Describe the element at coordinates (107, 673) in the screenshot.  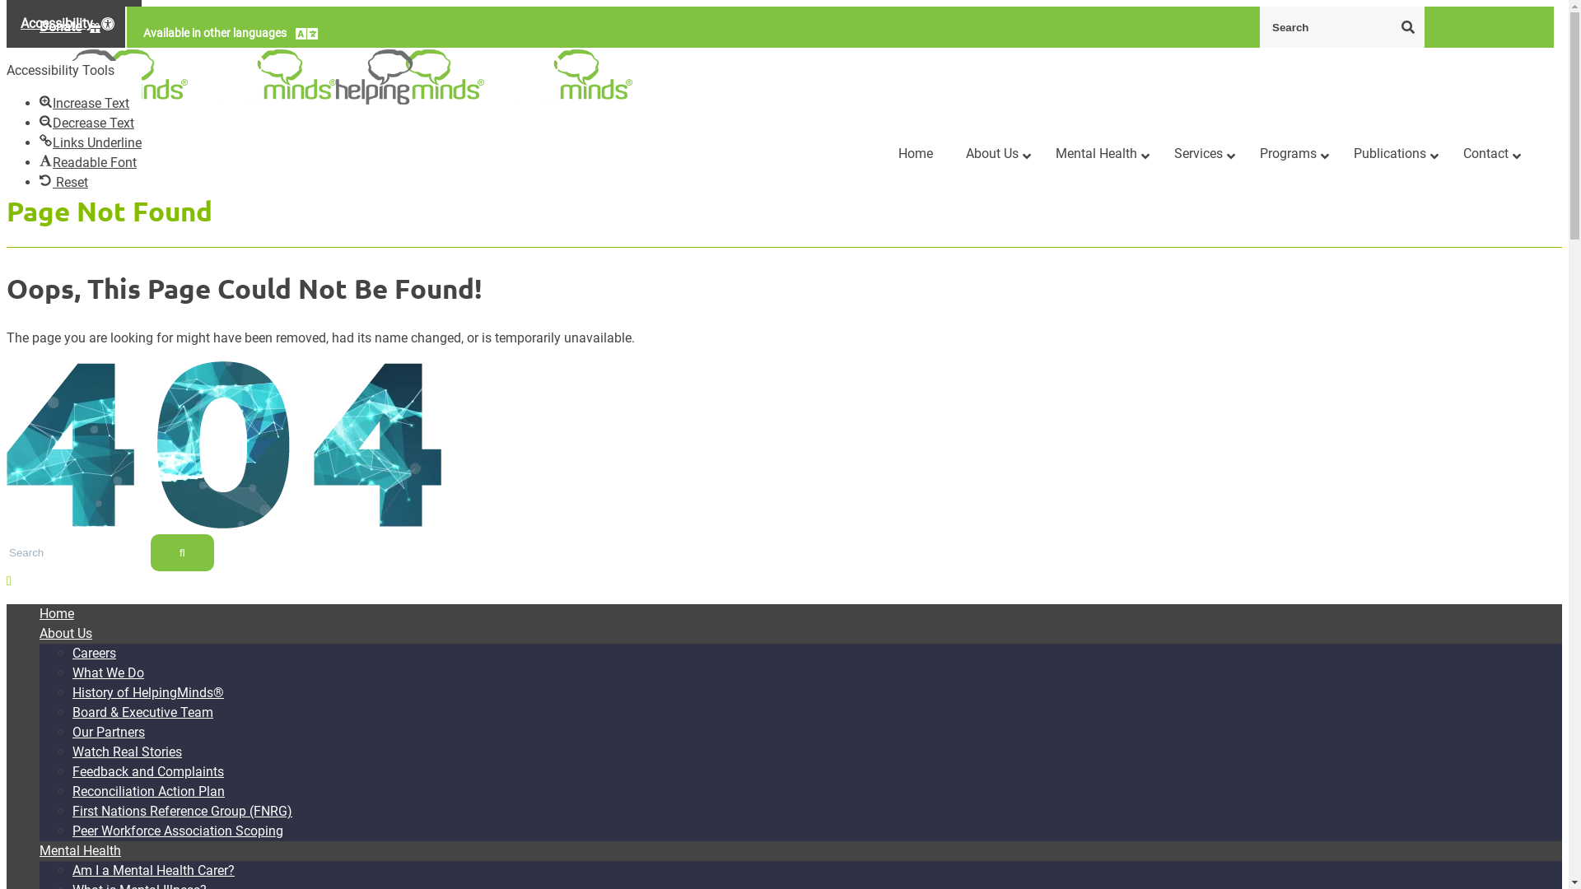
I see `'What We Do'` at that location.